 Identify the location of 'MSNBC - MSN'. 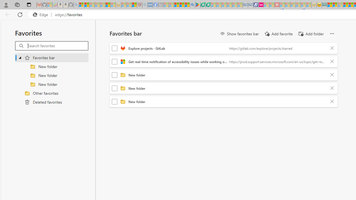
(330, 5).